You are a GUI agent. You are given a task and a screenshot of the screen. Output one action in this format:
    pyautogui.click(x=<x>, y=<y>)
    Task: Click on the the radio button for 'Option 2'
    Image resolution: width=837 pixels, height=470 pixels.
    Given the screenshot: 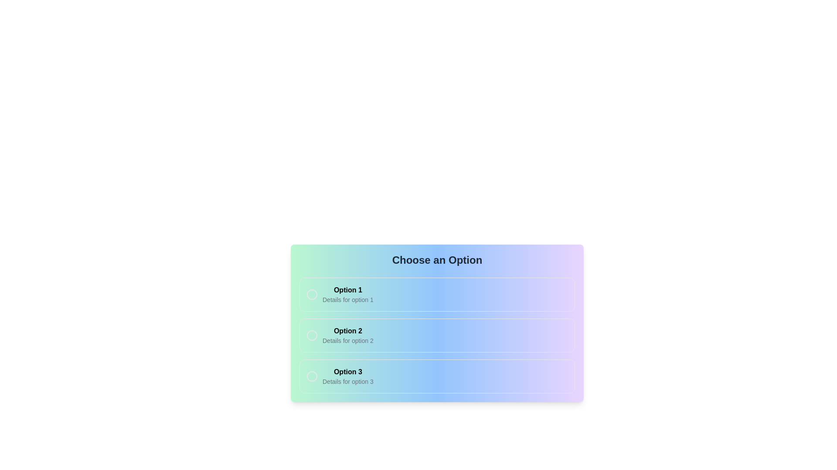 What is the action you would take?
    pyautogui.click(x=312, y=335)
    